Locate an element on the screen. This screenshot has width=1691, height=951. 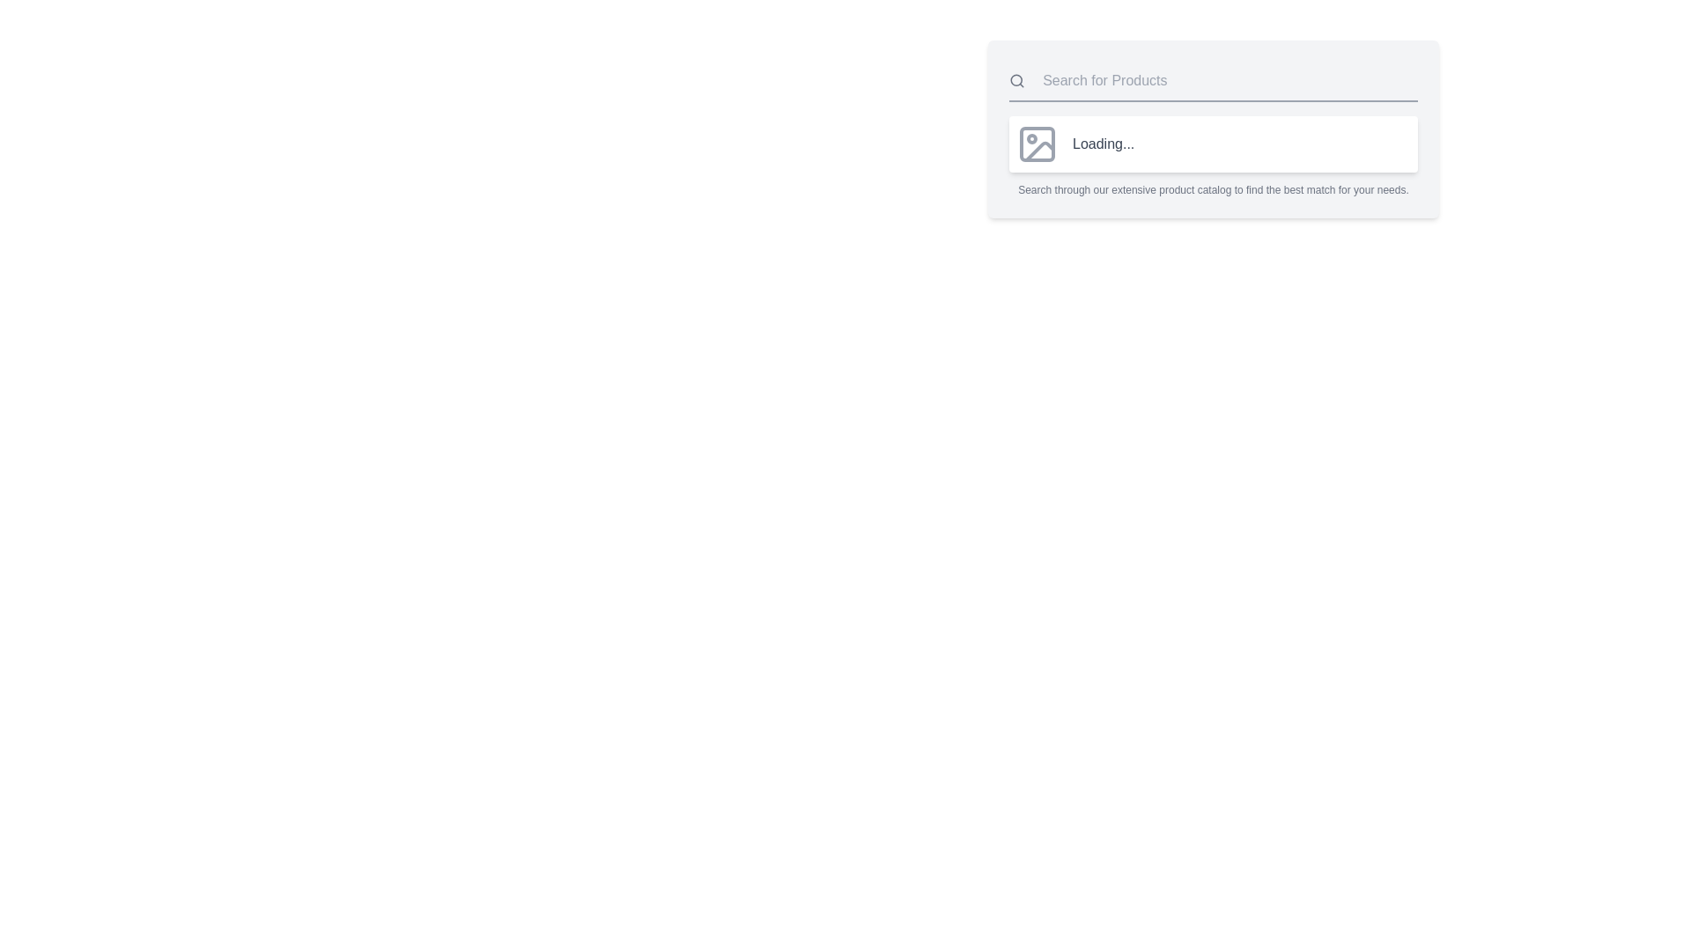
the search icon located to the left of the 'Search for Products' text input field is located at coordinates (1017, 81).